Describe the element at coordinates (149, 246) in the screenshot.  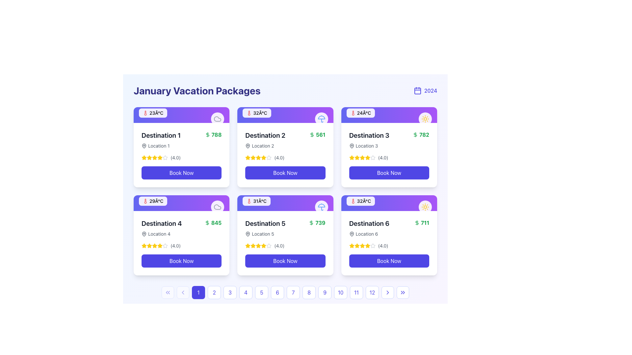
I see `the fourth star icon in the rating system located in the 'Destination 4' card in the lower-left quadrant` at that location.